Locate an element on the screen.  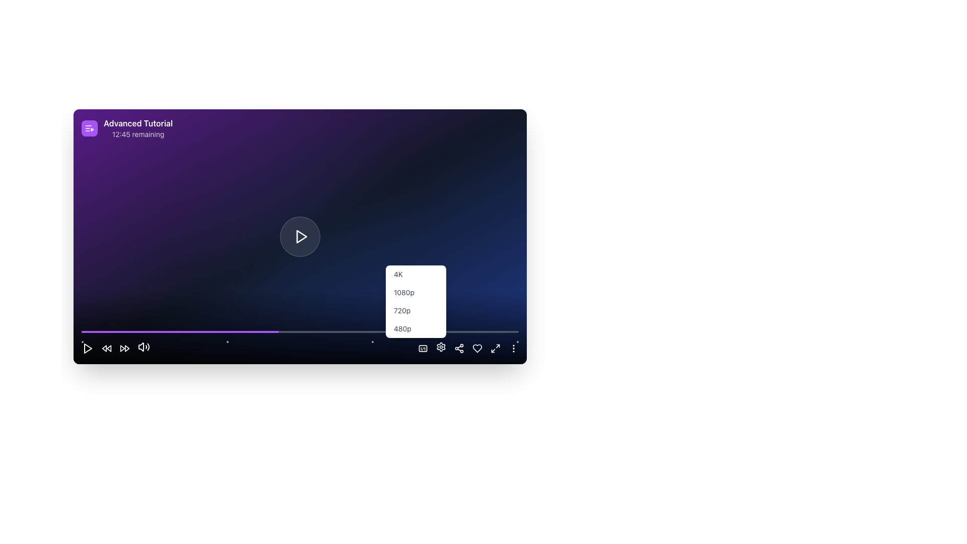
the progress bar at 45% is located at coordinates (278, 321).